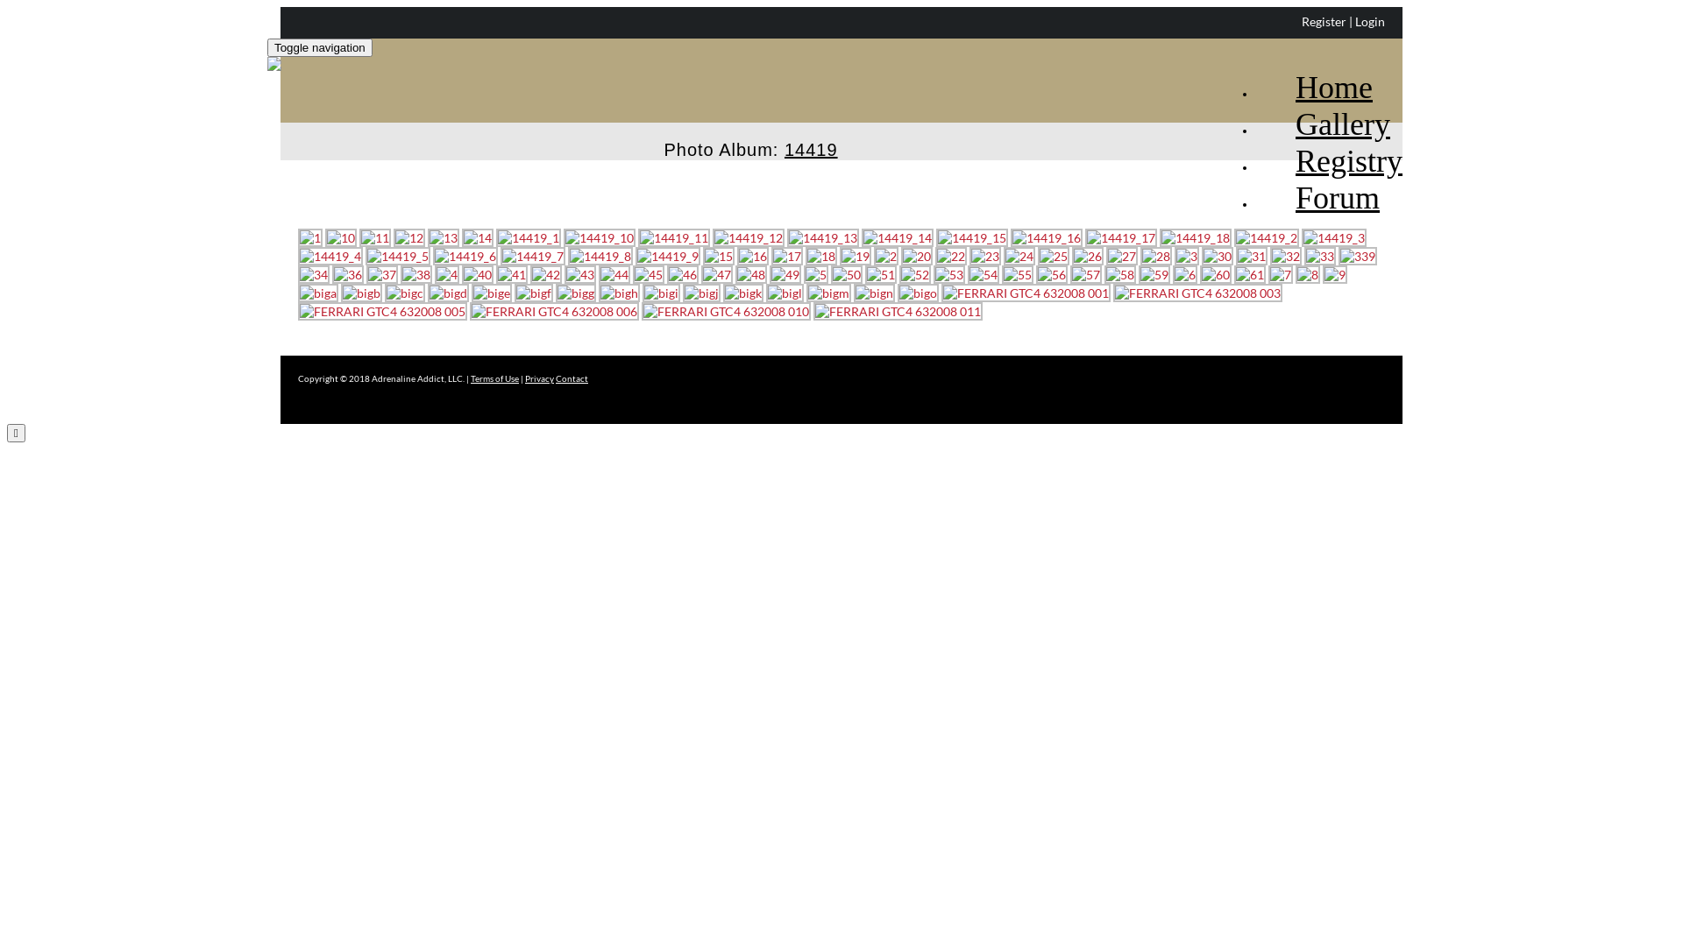 The height and width of the screenshot is (946, 1683). Describe the element at coordinates (854, 292) in the screenshot. I see `'bign (click to enlarge)'` at that location.